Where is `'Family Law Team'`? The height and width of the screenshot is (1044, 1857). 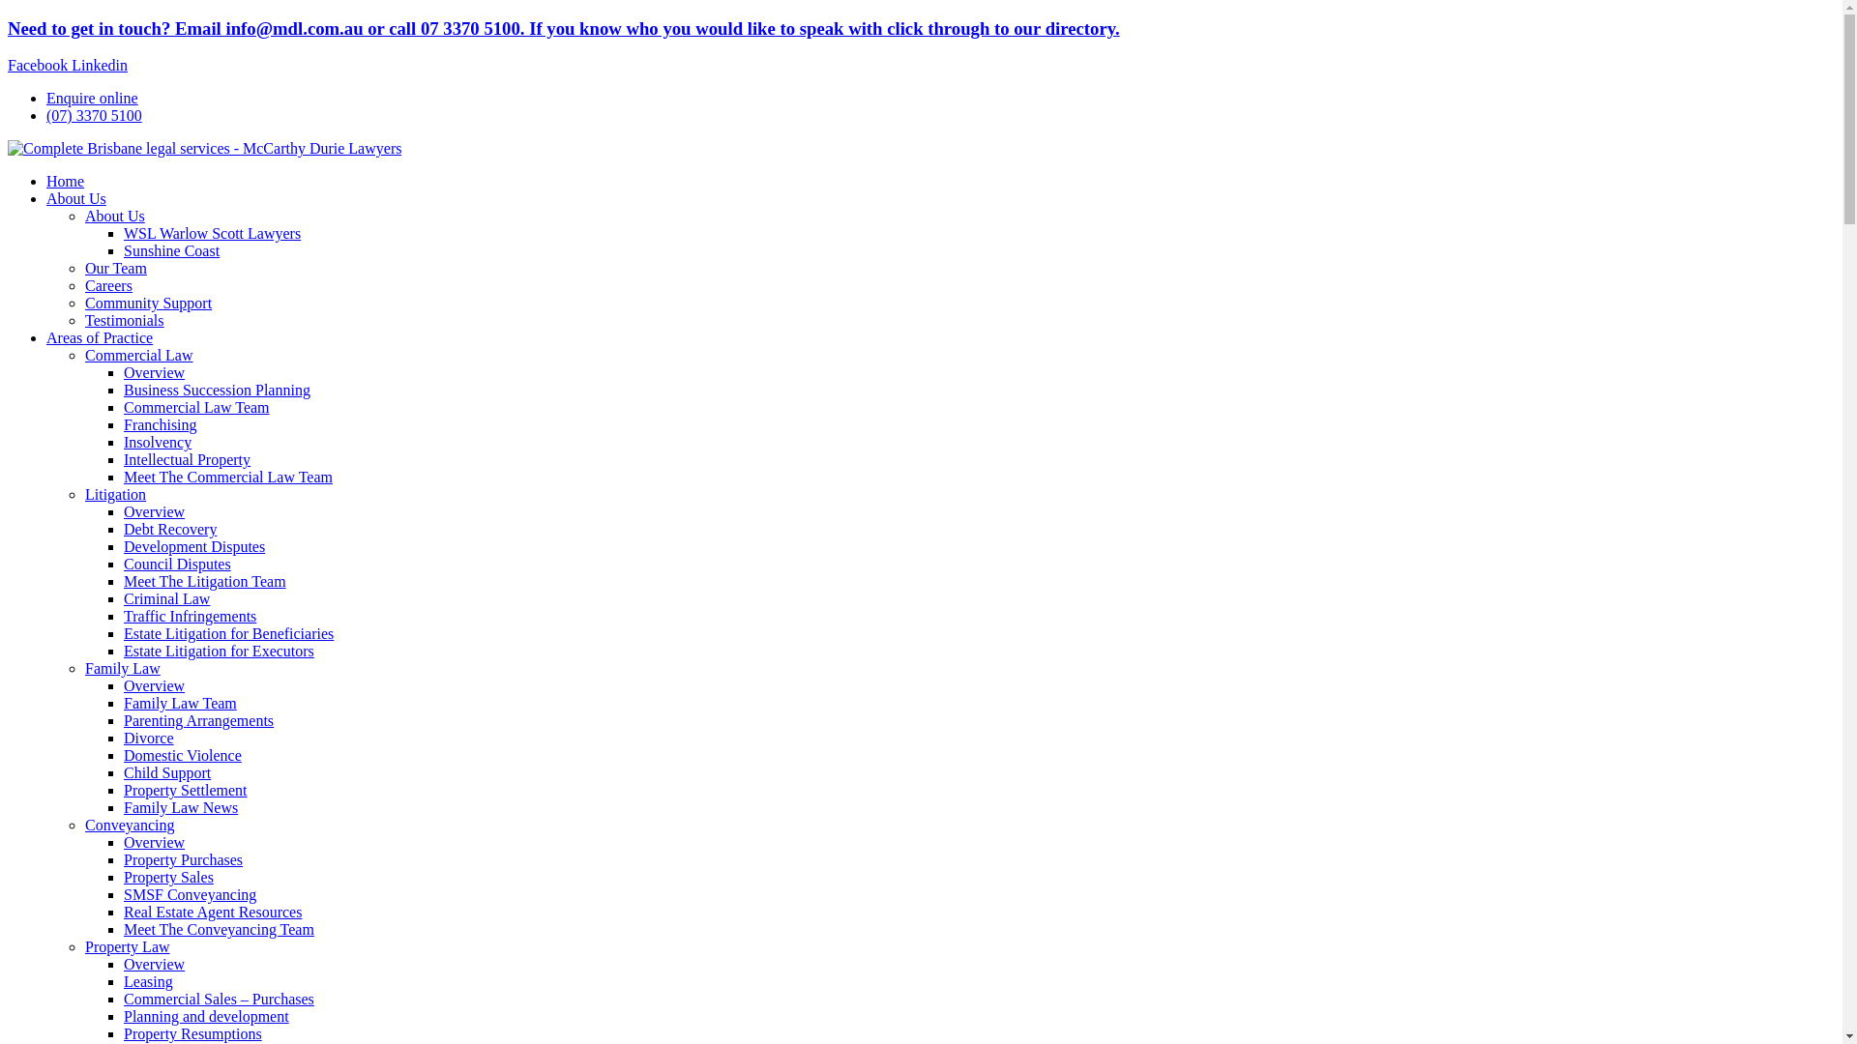
'Family Law Team' is located at coordinates (180, 703).